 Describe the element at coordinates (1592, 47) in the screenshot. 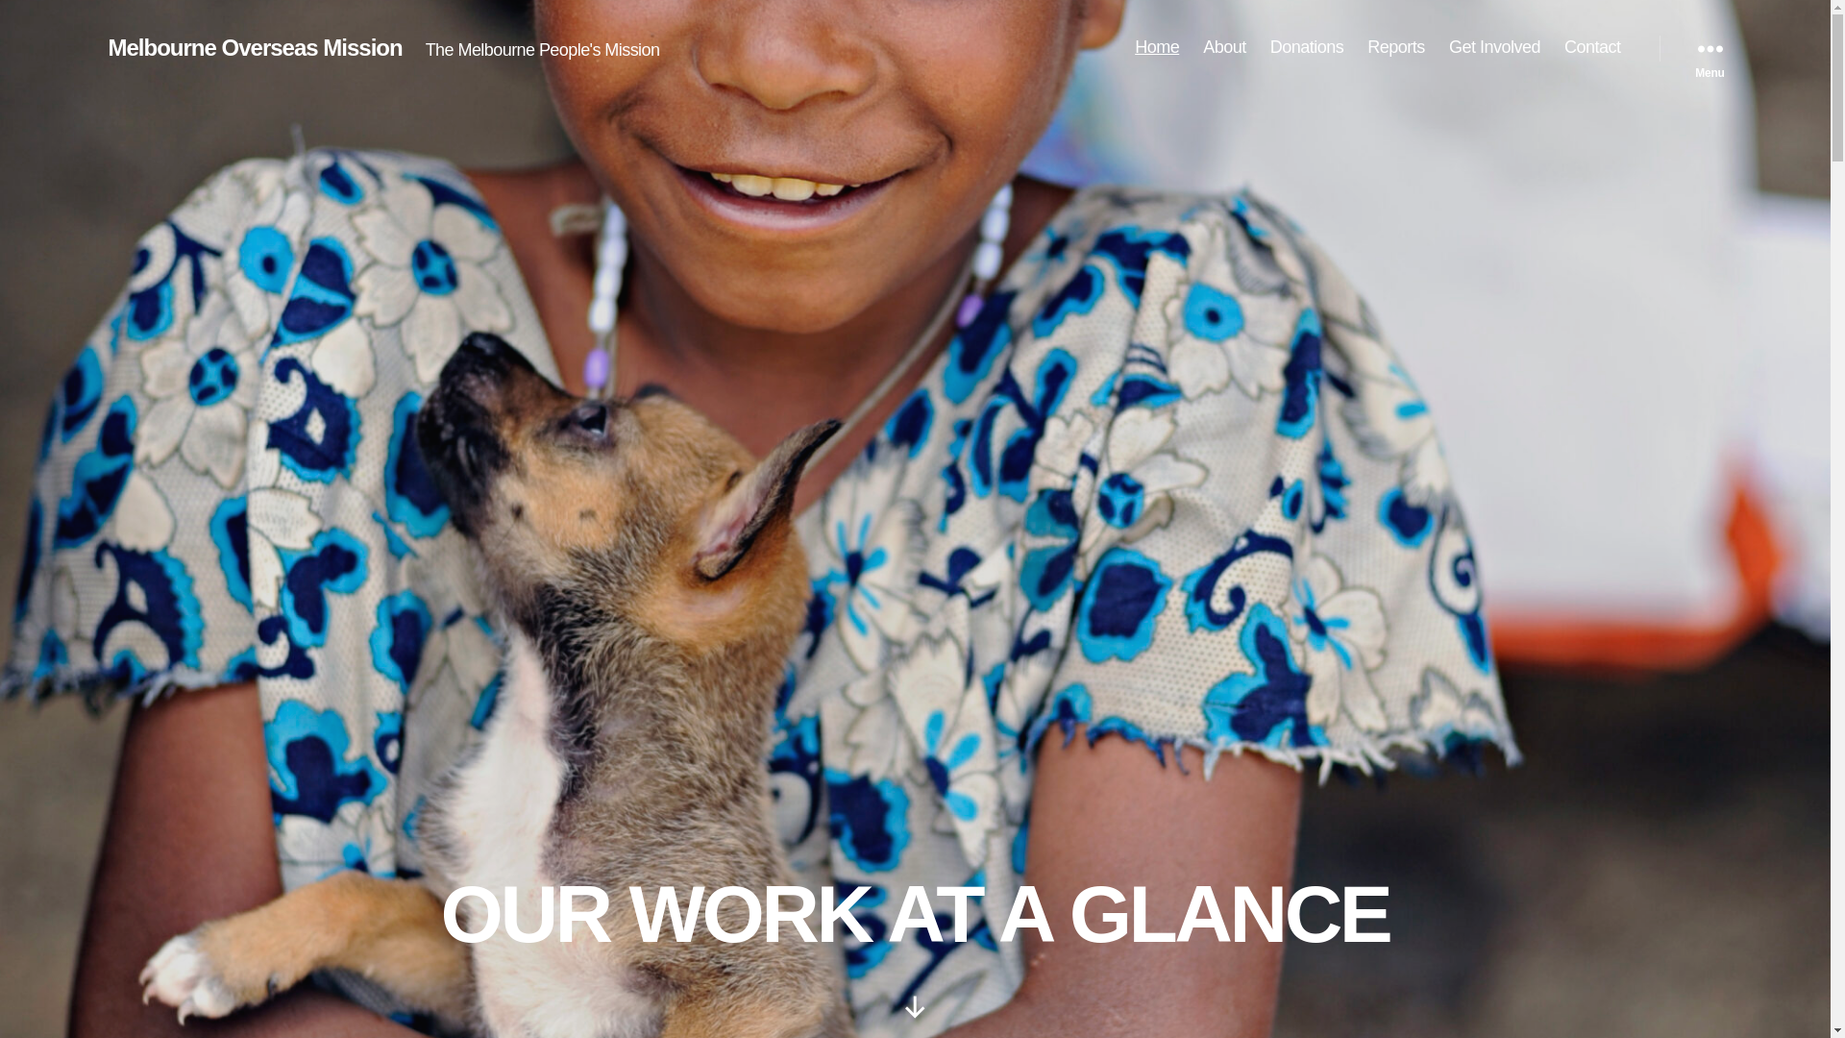

I see `'Contact'` at that location.